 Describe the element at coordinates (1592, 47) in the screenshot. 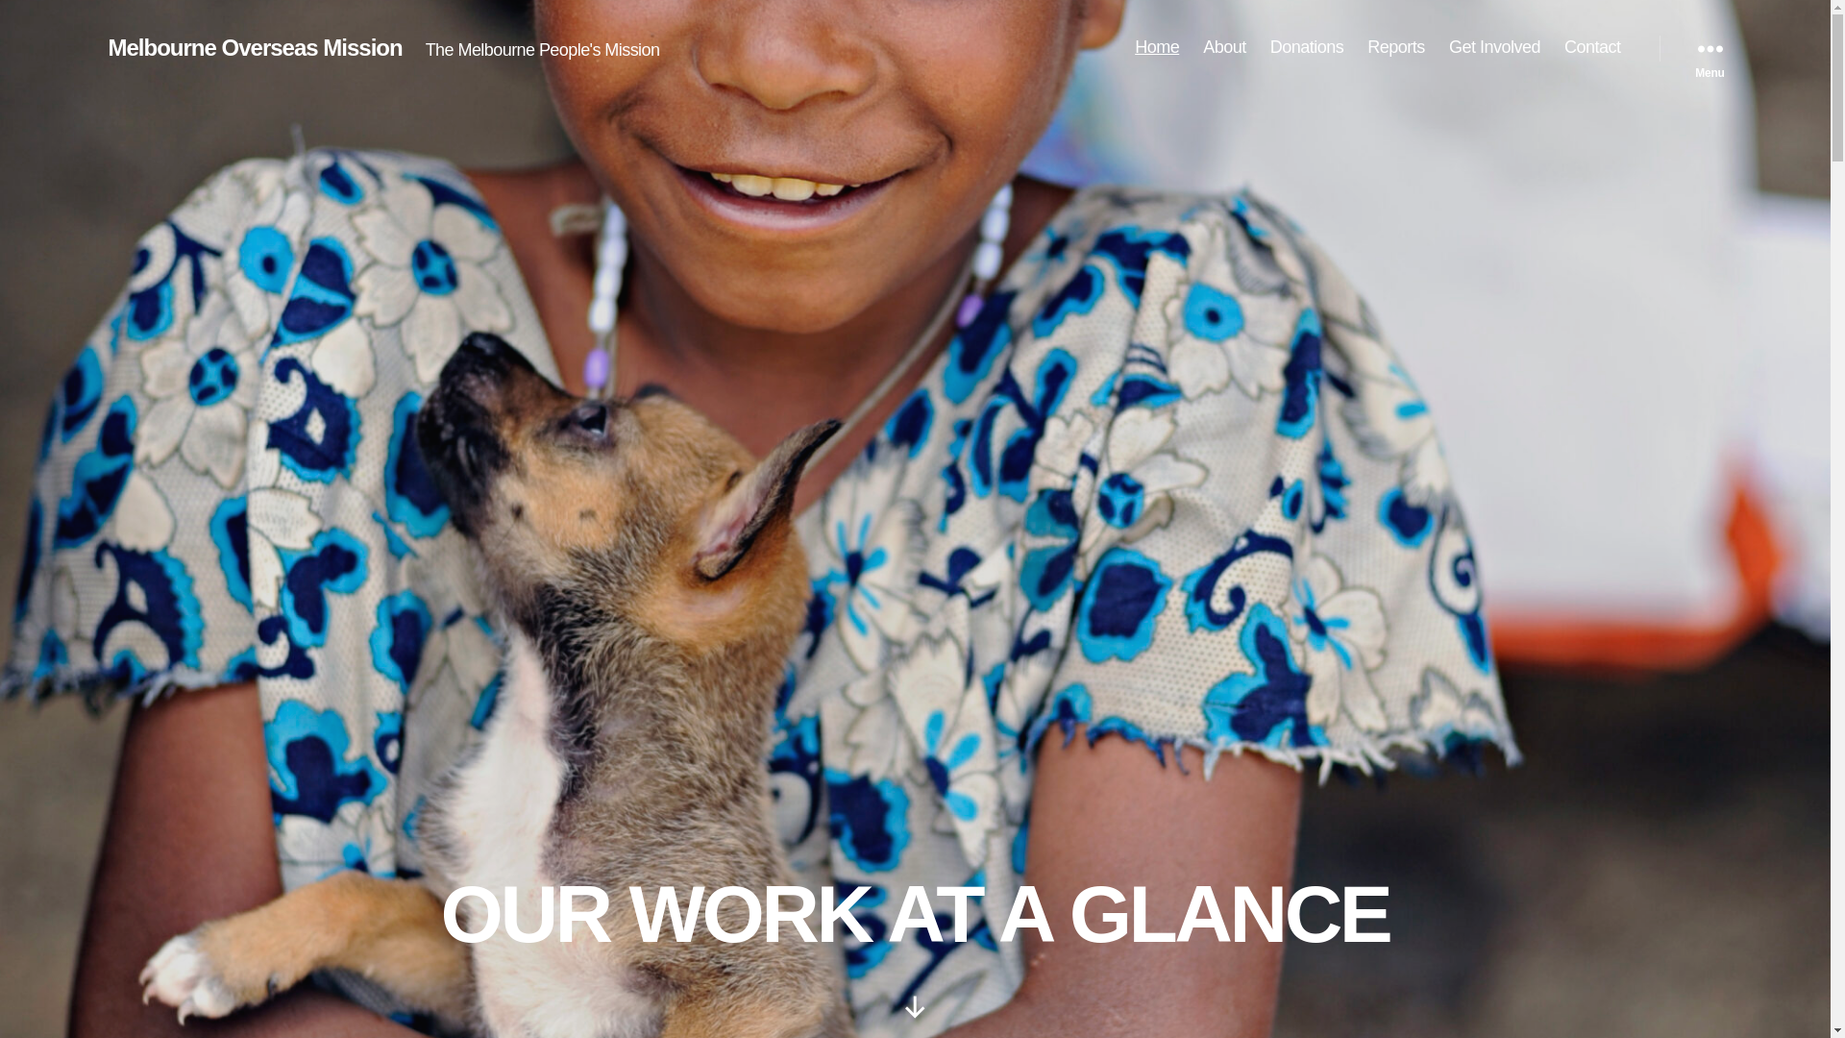

I see `'Contact'` at that location.